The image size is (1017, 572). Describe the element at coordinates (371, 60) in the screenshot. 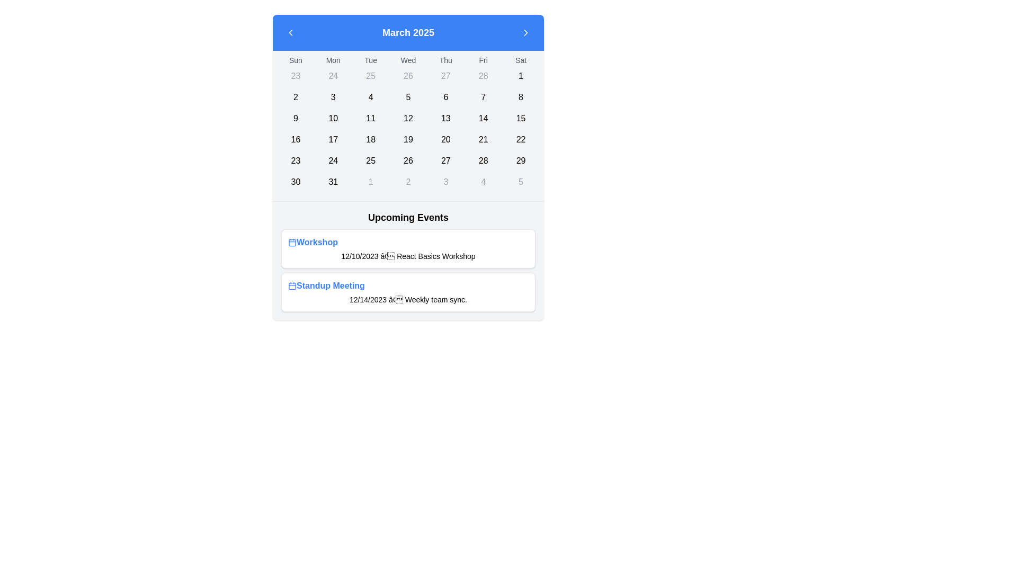

I see `the Text Label that indicates Tuesday in the calendar grid, located between 'Mon' and 'Wed'` at that location.